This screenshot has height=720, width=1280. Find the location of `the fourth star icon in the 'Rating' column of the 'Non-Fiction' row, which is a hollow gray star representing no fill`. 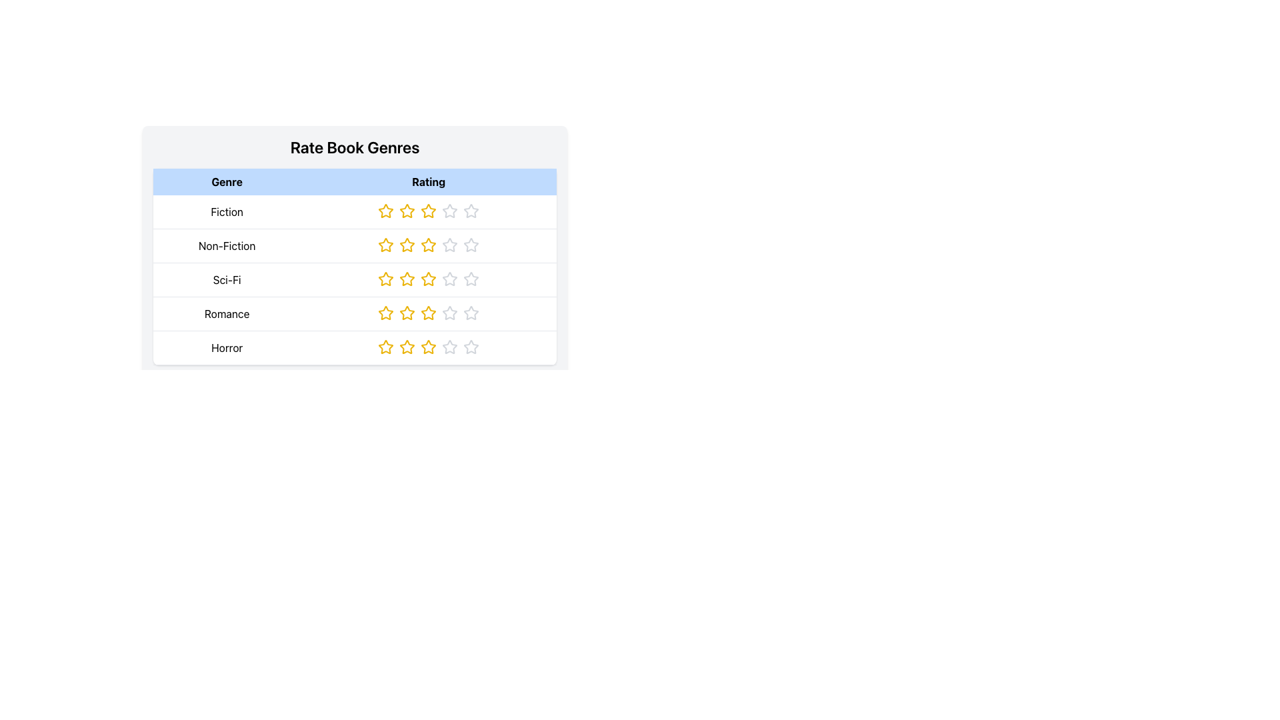

the fourth star icon in the 'Rating' column of the 'Non-Fiction' row, which is a hollow gray star representing no fill is located at coordinates (471, 245).